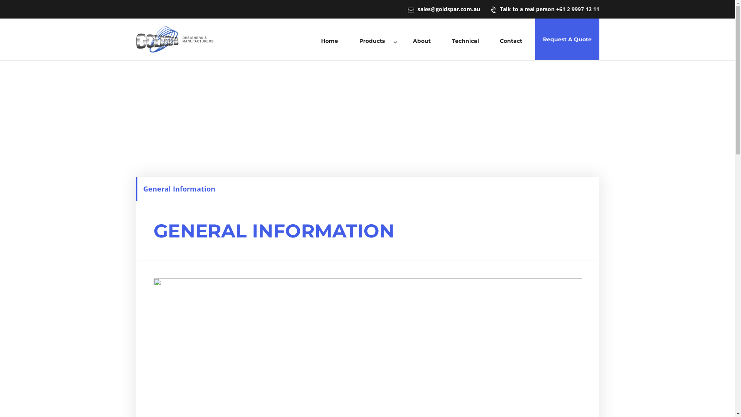 The height and width of the screenshot is (417, 741). Describe the element at coordinates (443, 9) in the screenshot. I see `'sales@goldspar.com.au'` at that location.